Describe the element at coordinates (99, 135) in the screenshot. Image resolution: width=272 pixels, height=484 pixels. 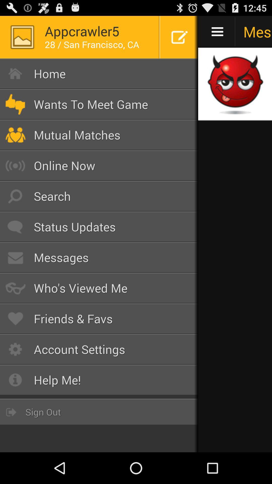
I see `mutual matches icon` at that location.